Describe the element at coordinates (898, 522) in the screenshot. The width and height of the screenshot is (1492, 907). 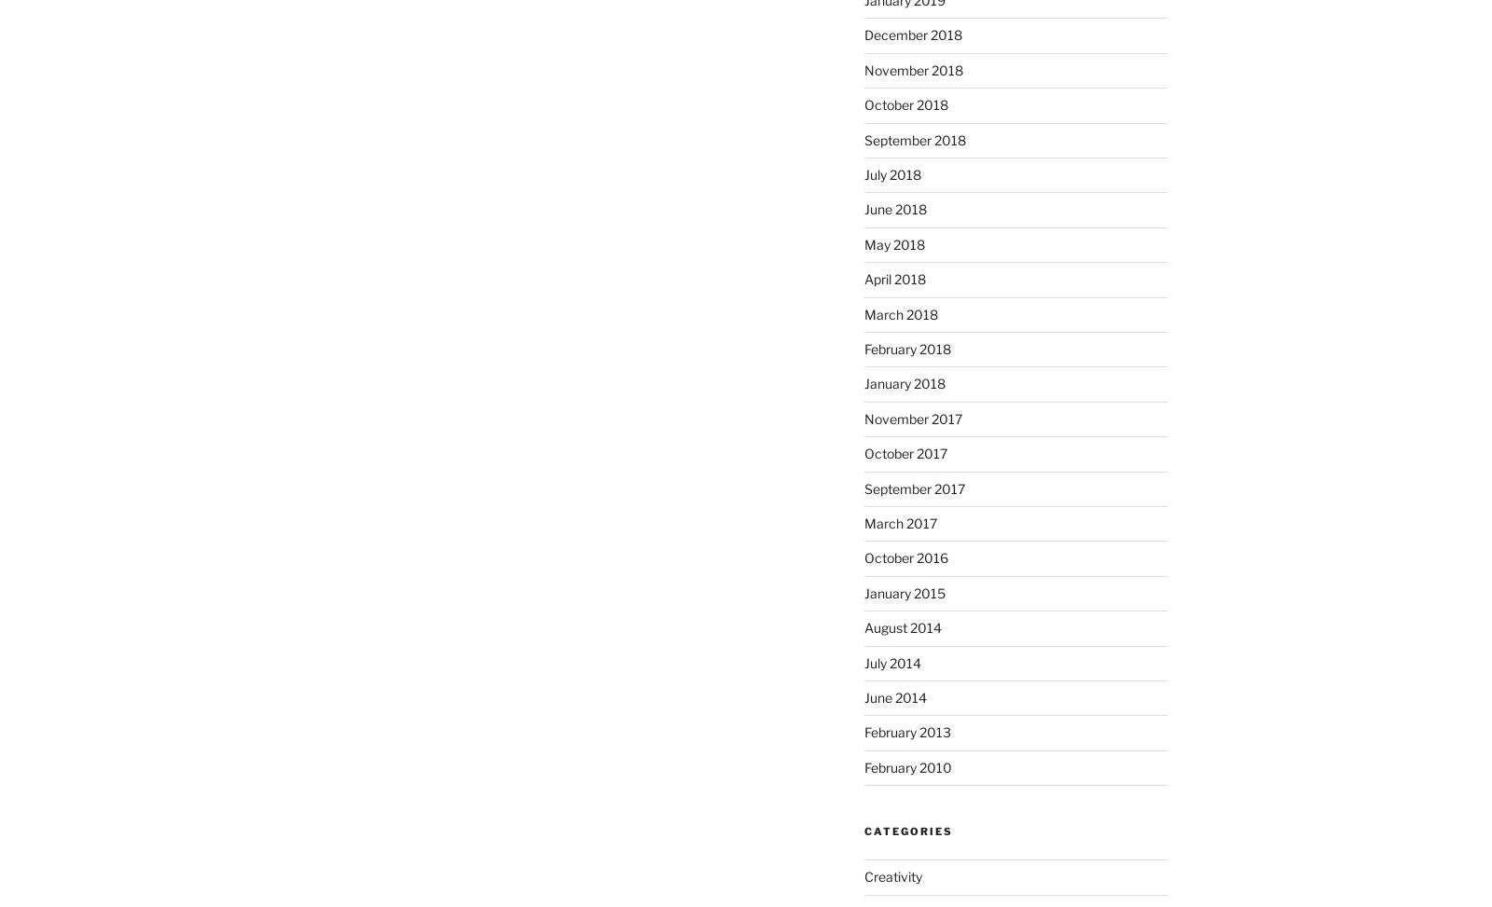
I see `'March 2017'` at that location.